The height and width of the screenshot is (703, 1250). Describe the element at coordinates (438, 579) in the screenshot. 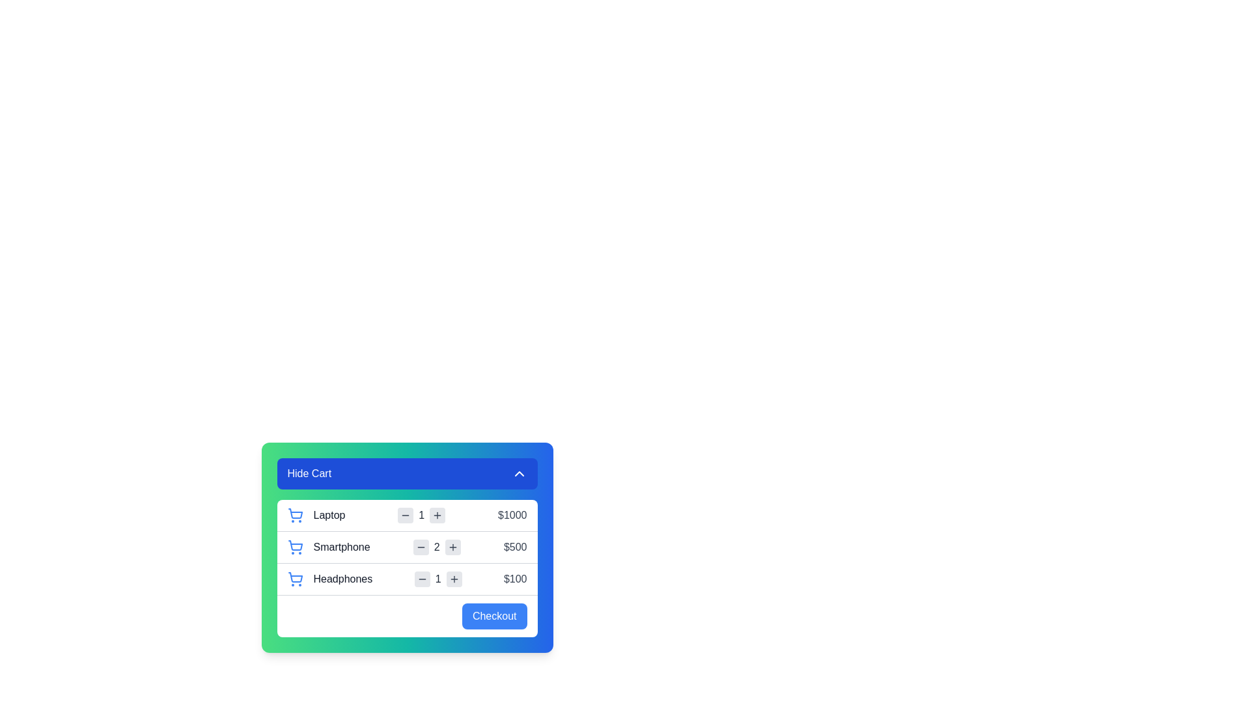

I see `the Label displaying the numeral '1' for the quantity selector of 'Headphones', which is positioned between the minus and plus buttons in the third row of the cart interface` at that location.